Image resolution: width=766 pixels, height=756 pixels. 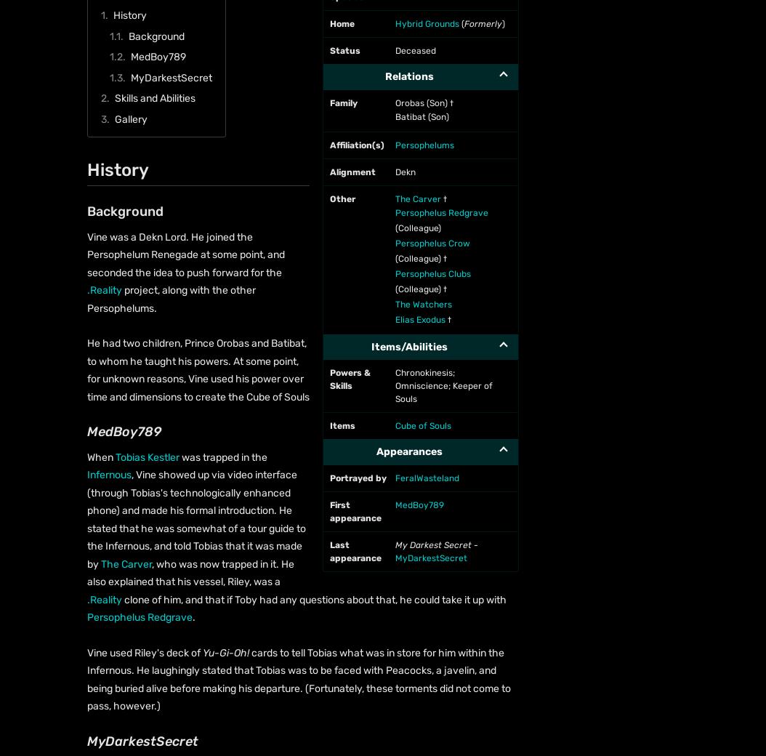 What do you see at coordinates (60, 557) in the screenshot?
I see `'Take your favorite fandoms with you and never miss a beat.'` at bounding box center [60, 557].